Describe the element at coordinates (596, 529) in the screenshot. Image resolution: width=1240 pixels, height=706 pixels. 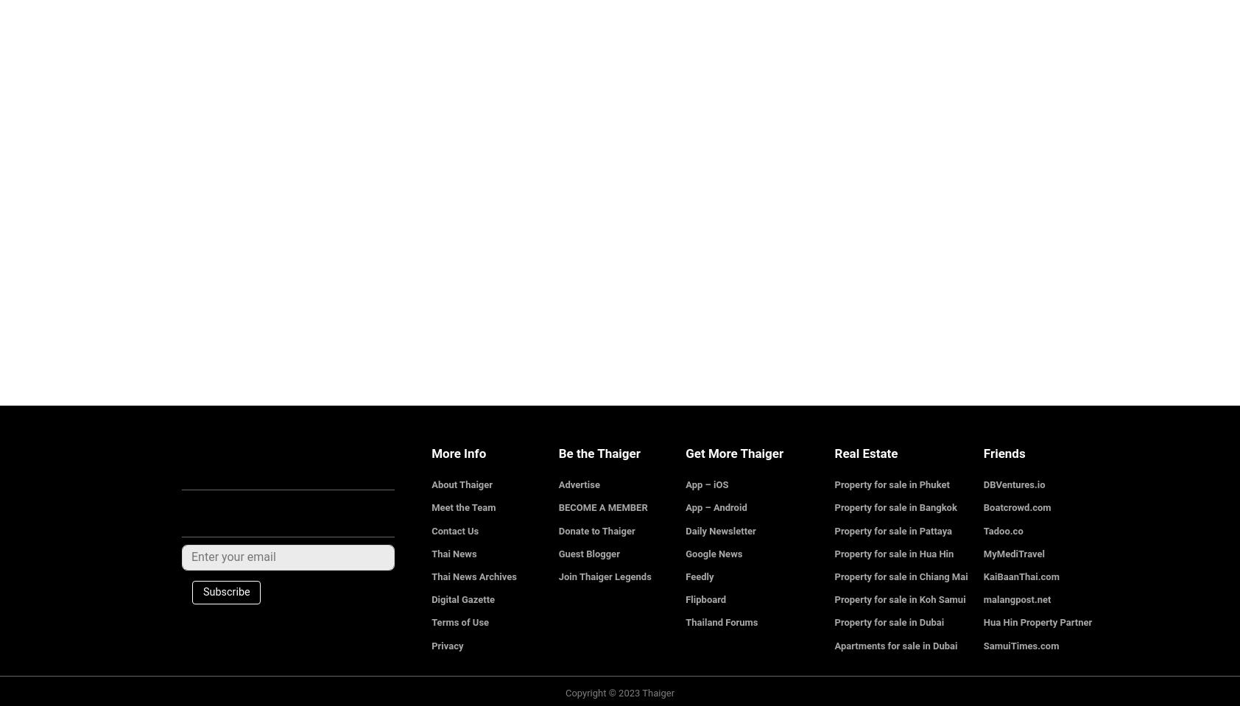
I see `'Donate to Thaiger'` at that location.